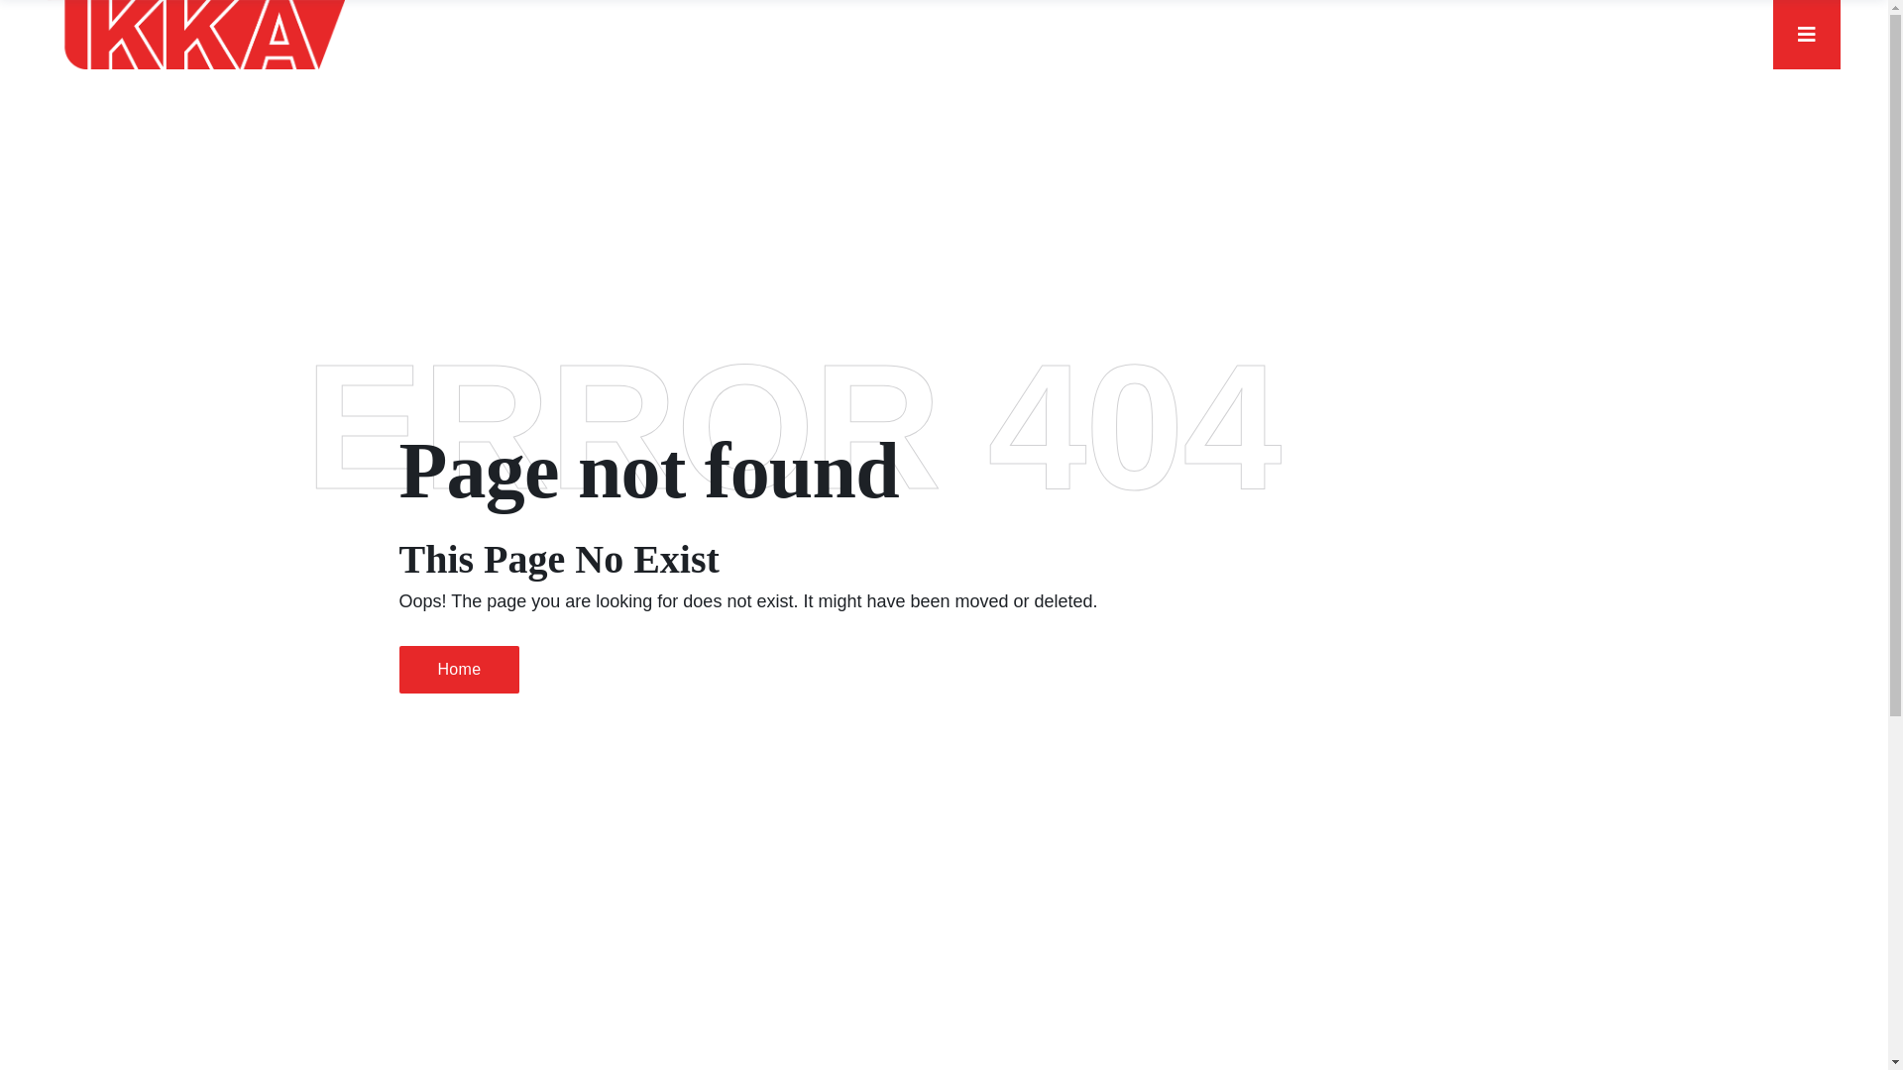 This screenshot has width=1903, height=1070. What do you see at coordinates (457, 669) in the screenshot?
I see `'Home'` at bounding box center [457, 669].